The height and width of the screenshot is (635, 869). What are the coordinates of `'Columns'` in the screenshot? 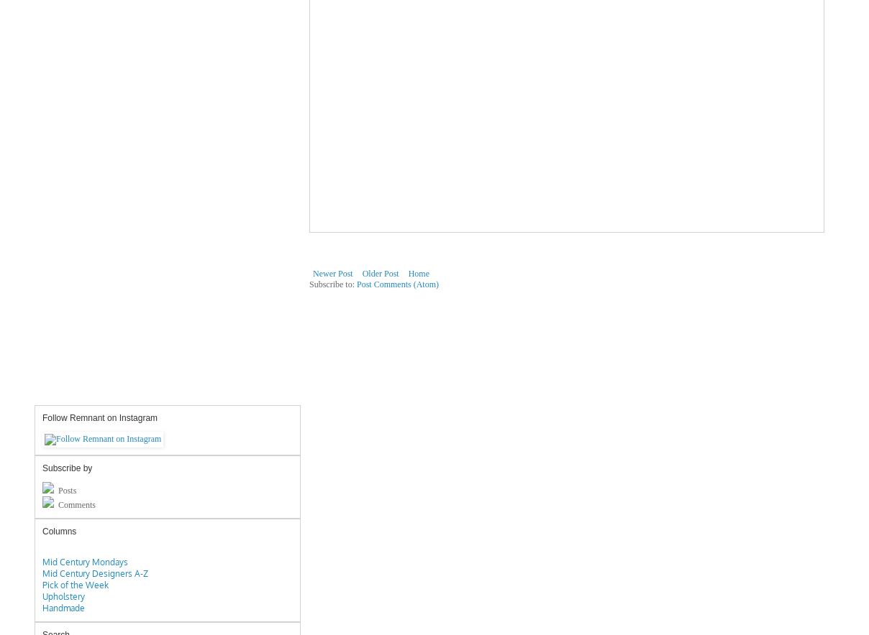 It's located at (58, 531).